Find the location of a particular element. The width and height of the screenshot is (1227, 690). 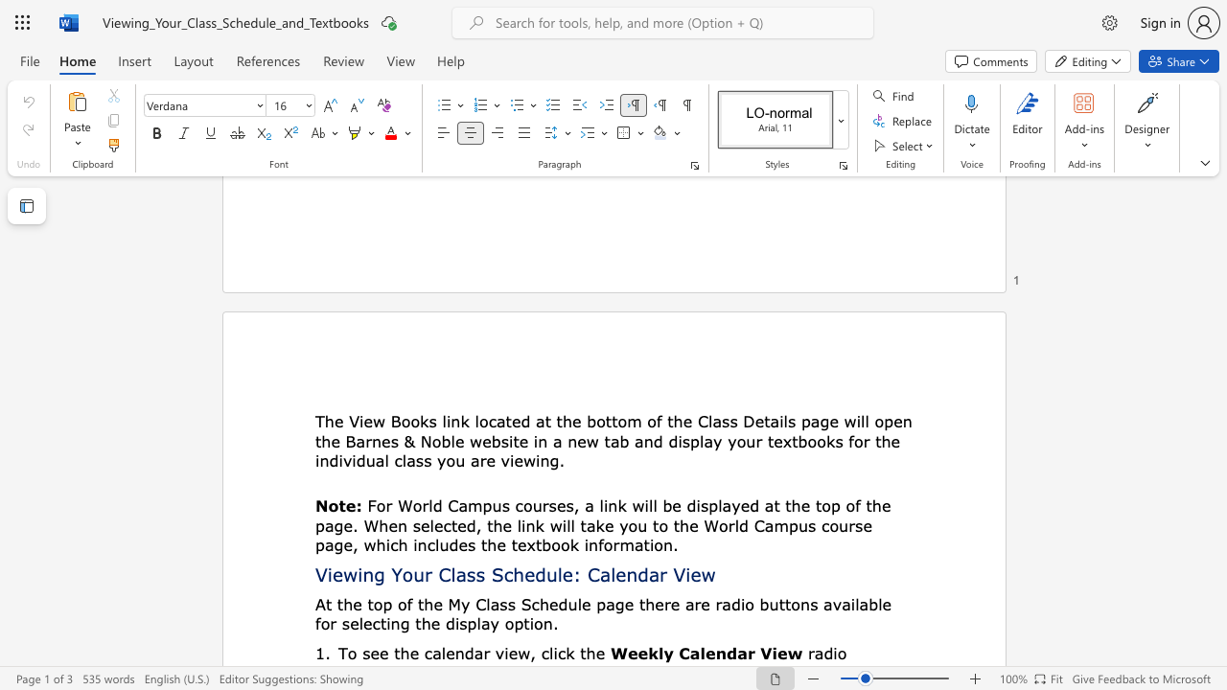

the subset text "ar View" within the text "Weekly Calendar View" is located at coordinates (736, 652).